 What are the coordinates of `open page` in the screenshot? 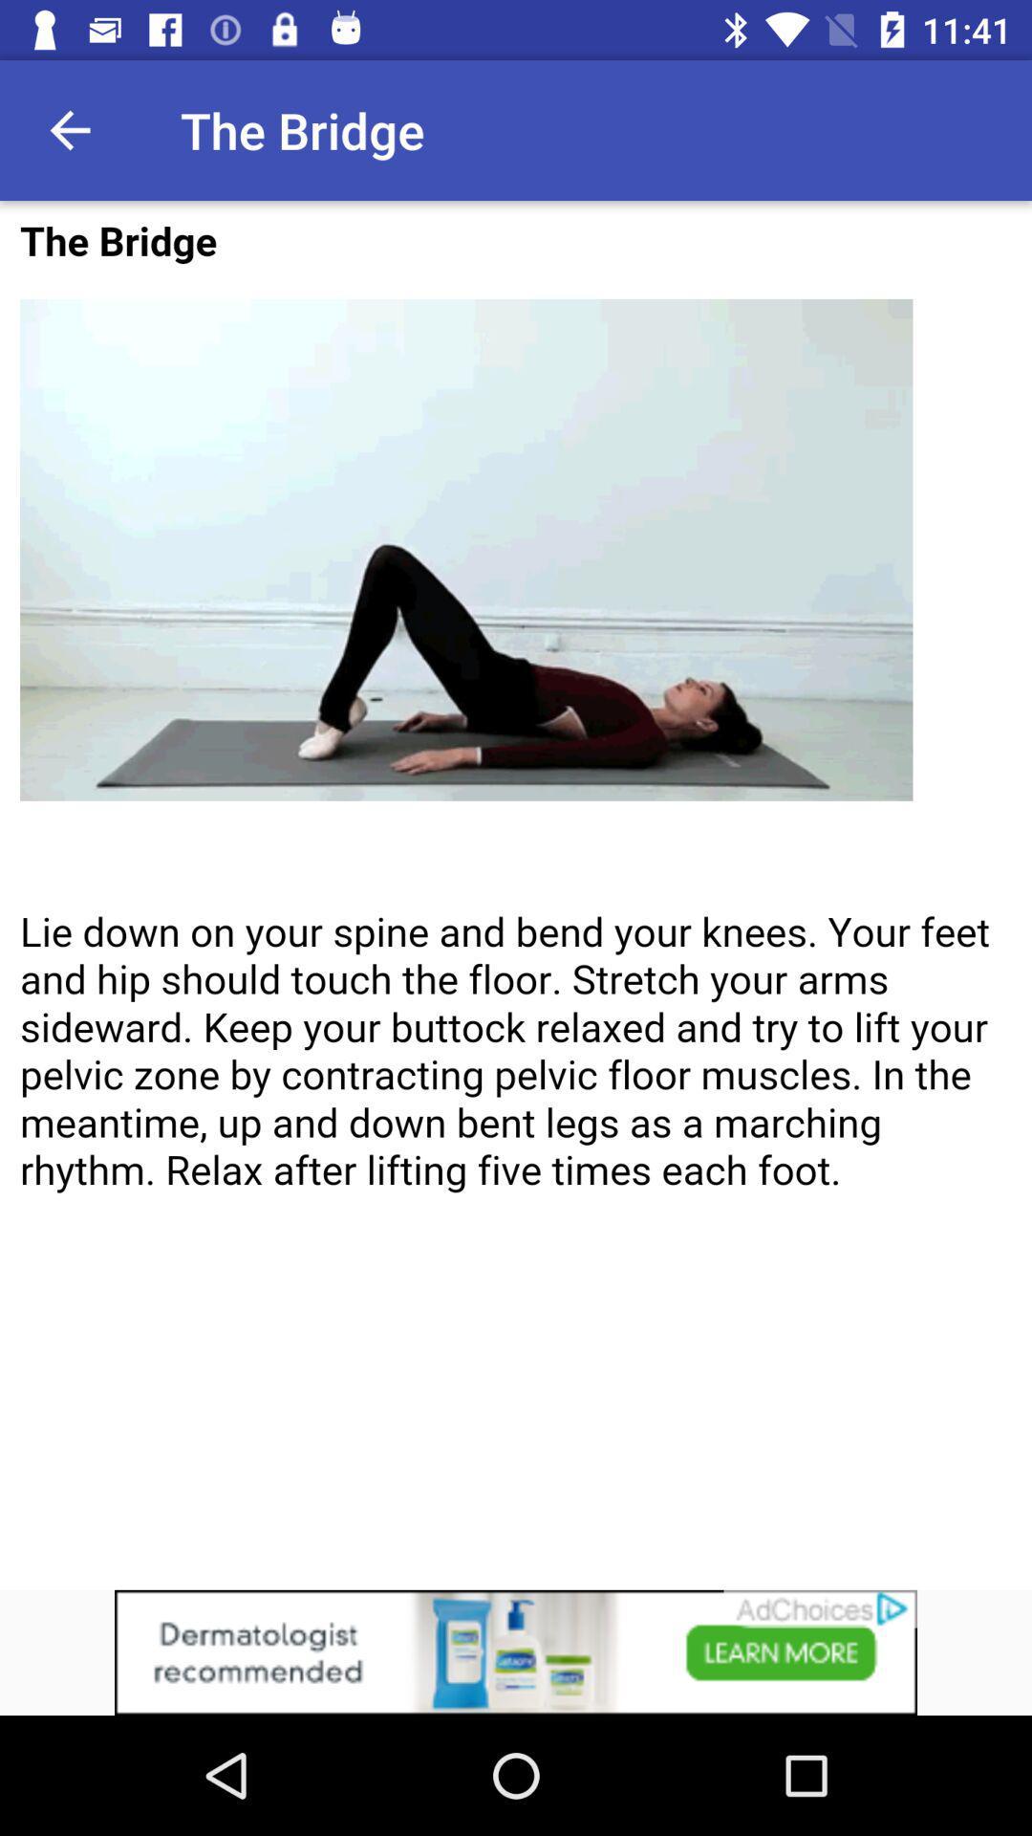 It's located at (516, 894).